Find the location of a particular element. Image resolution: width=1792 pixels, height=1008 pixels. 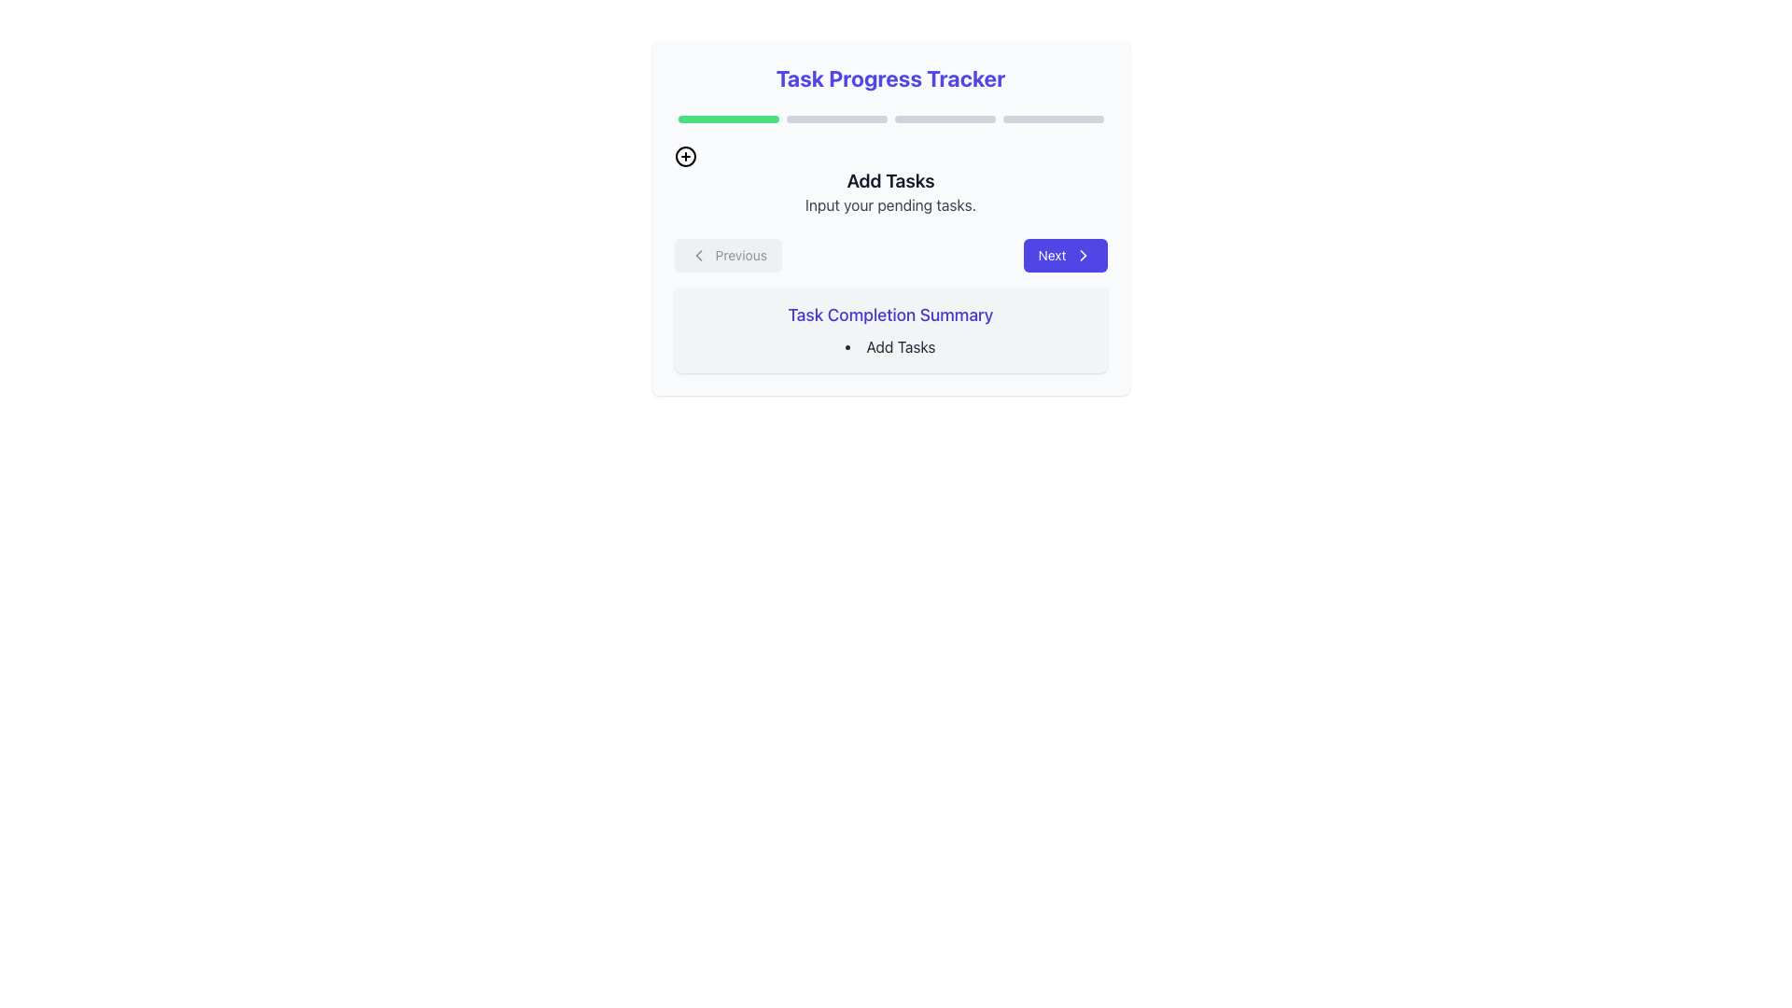

the 'Next' button, which contains a small rightward chevron icon is located at coordinates (1083, 255).